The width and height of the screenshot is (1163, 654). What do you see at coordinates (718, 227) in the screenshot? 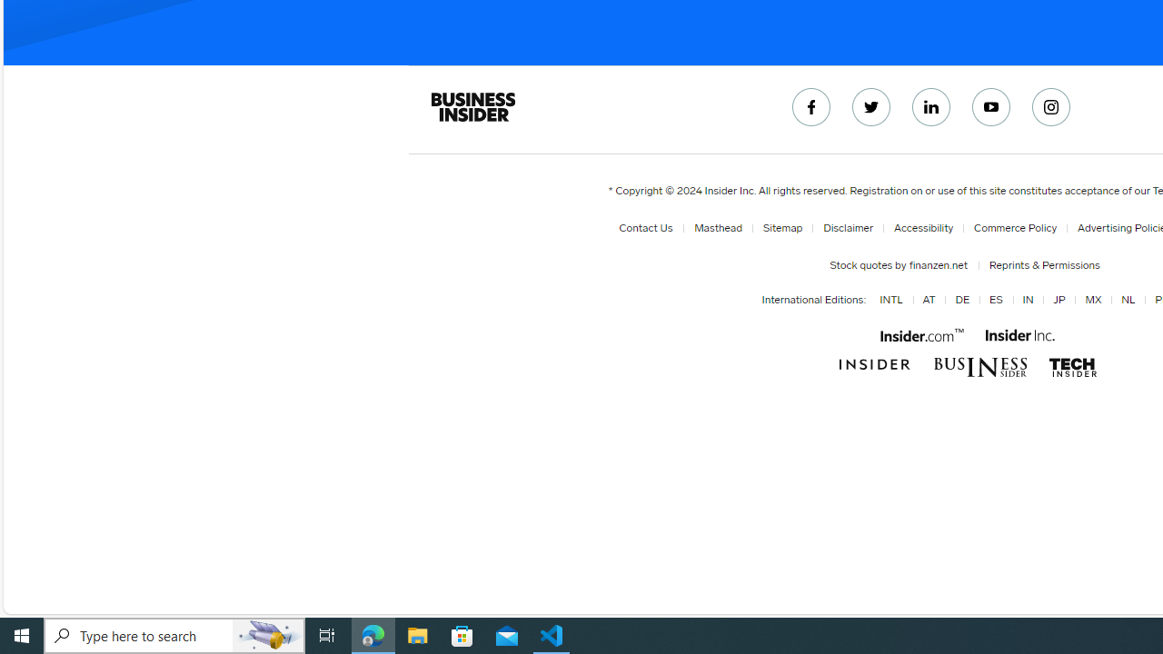
I see `'Masthead'` at bounding box center [718, 227].